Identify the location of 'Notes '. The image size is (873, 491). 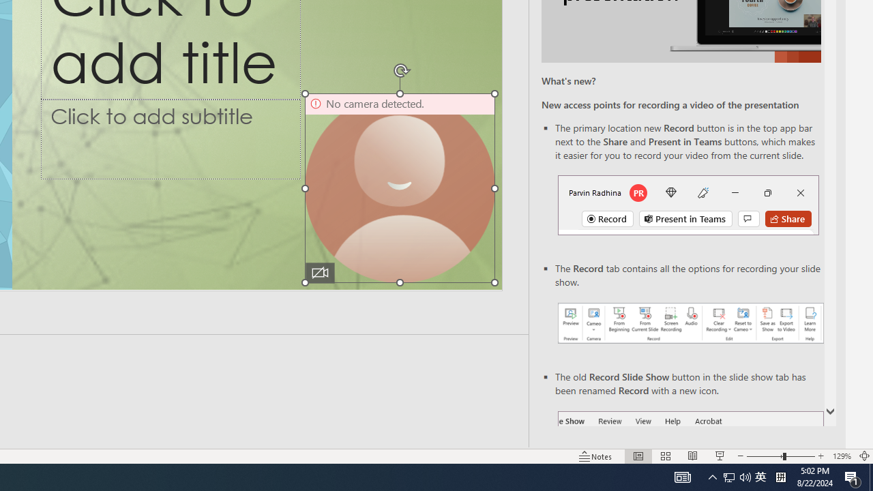
(596, 456).